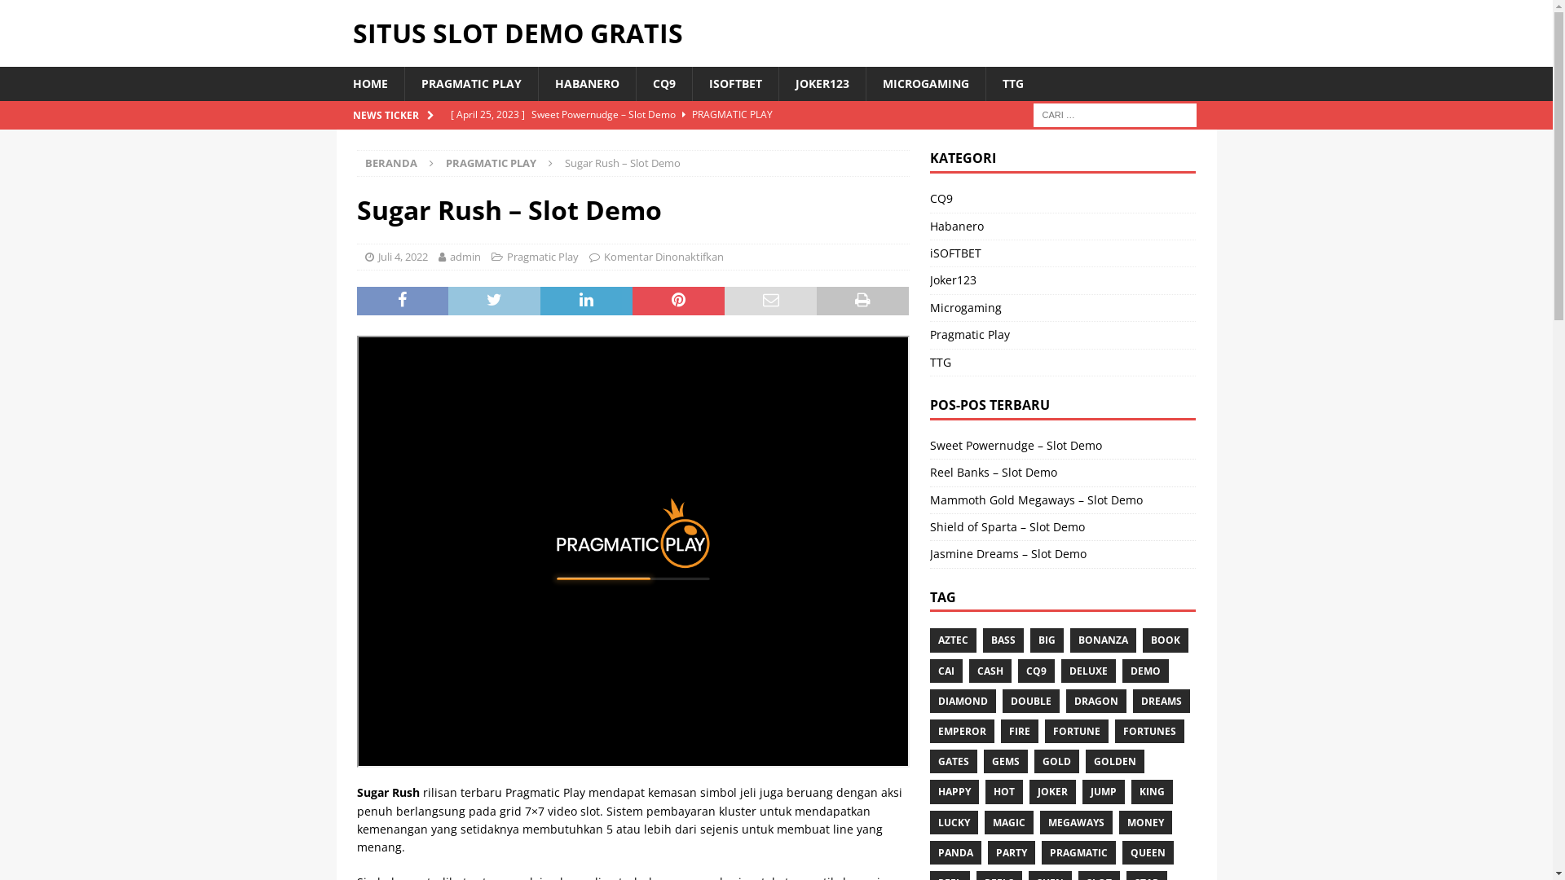 The width and height of the screenshot is (1565, 880). Describe the element at coordinates (1161, 700) in the screenshot. I see `'DREAMS'` at that location.